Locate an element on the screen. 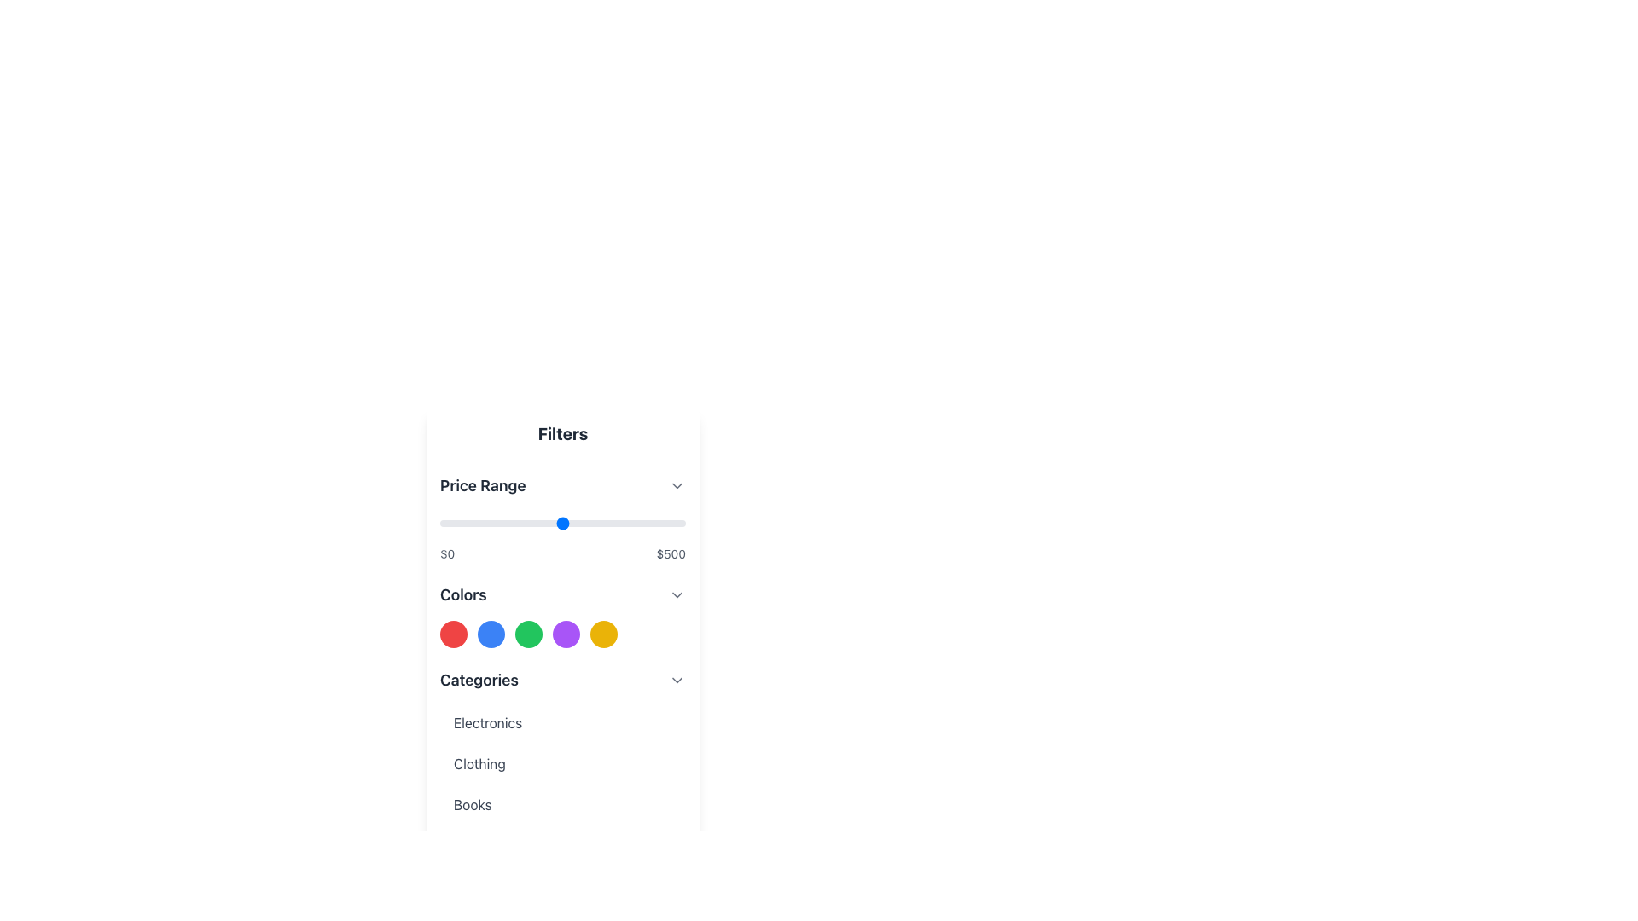 The image size is (1638, 921). the slider is located at coordinates (562, 522).